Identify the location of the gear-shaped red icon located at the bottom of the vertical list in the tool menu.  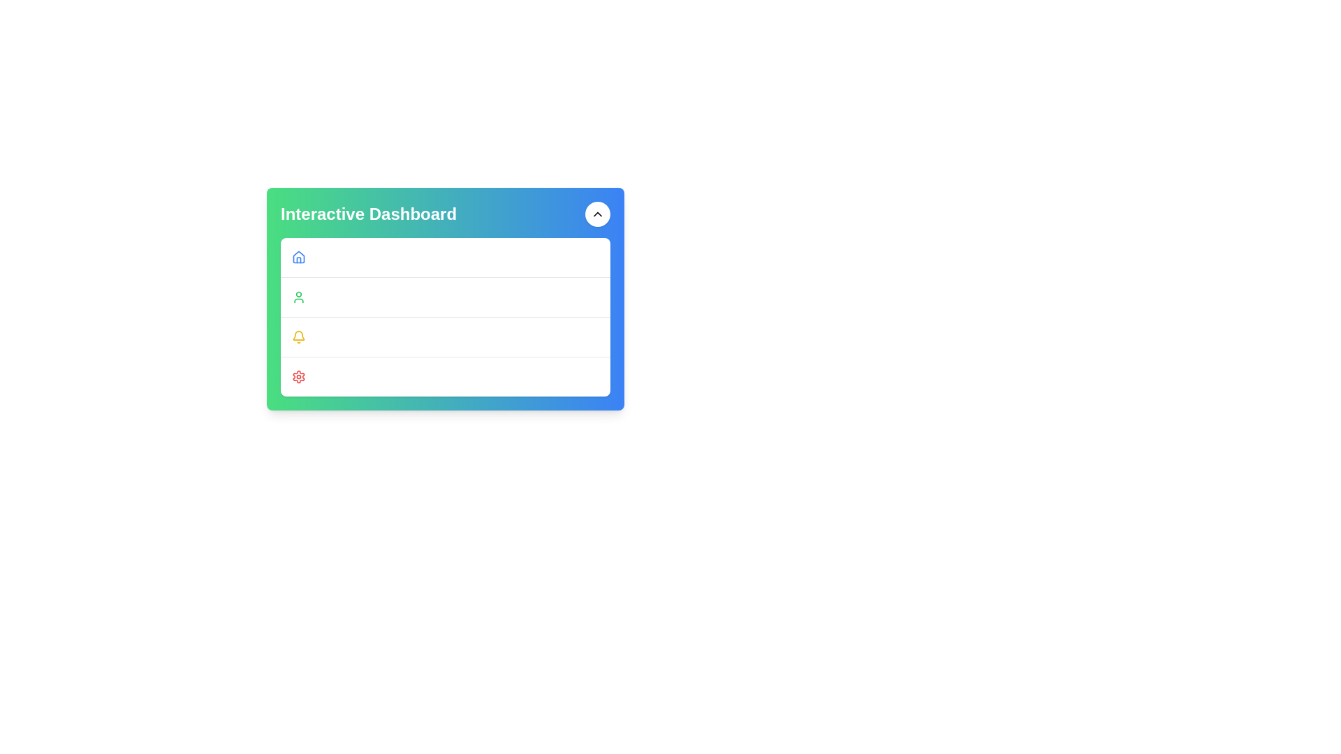
(298, 377).